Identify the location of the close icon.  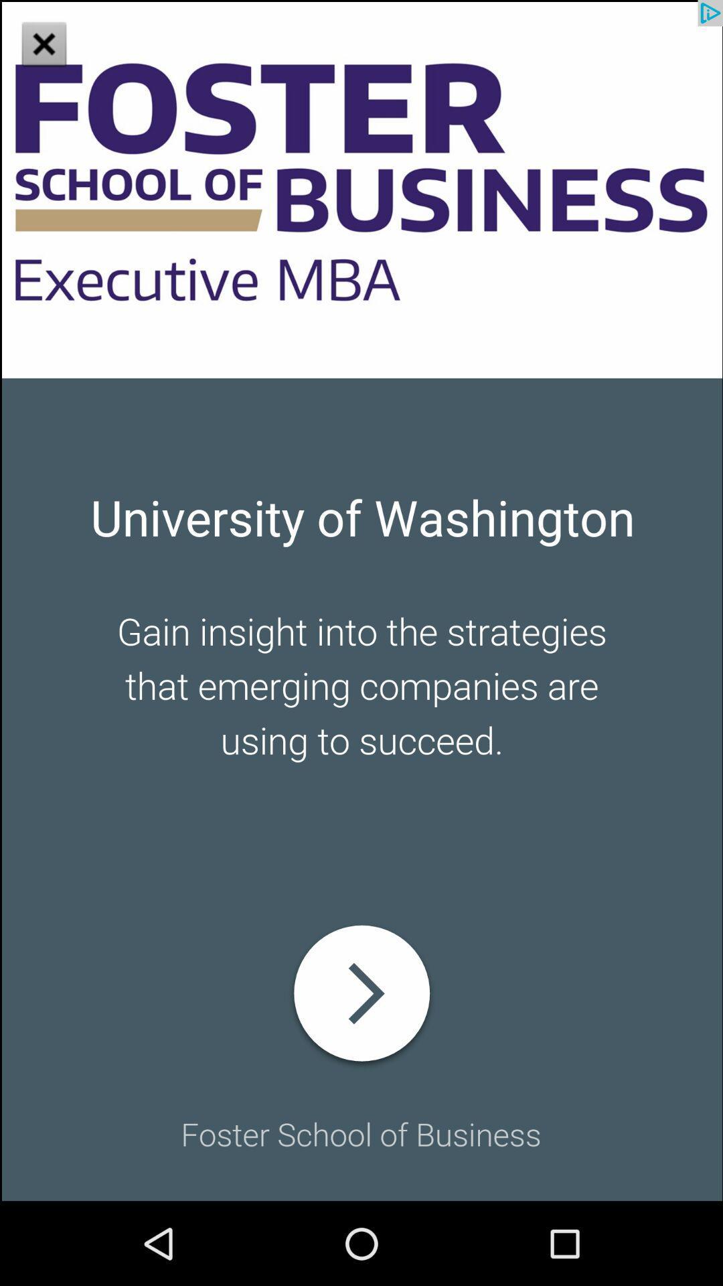
(43, 47).